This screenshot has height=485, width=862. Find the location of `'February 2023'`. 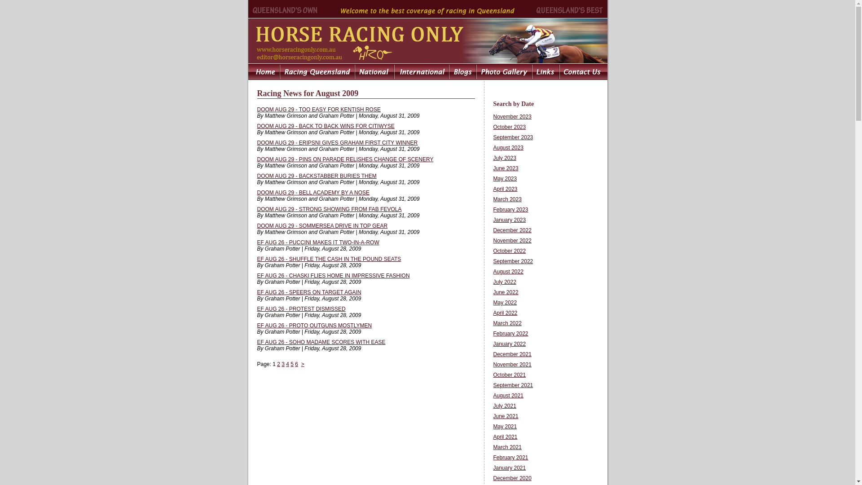

'February 2023' is located at coordinates (510, 209).